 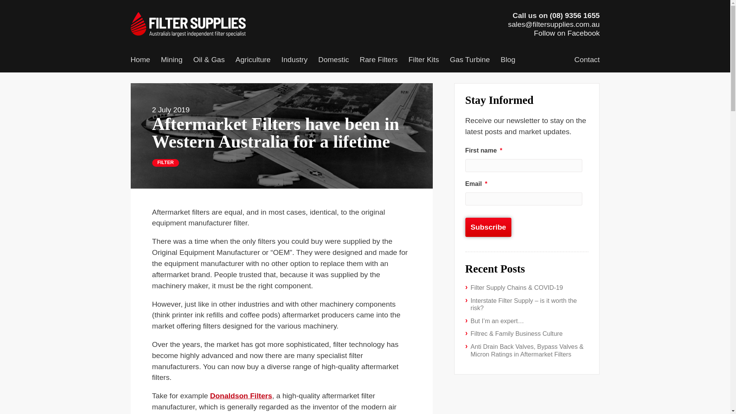 I want to click on 'Filtrec & Family Business Culture', so click(x=517, y=333).